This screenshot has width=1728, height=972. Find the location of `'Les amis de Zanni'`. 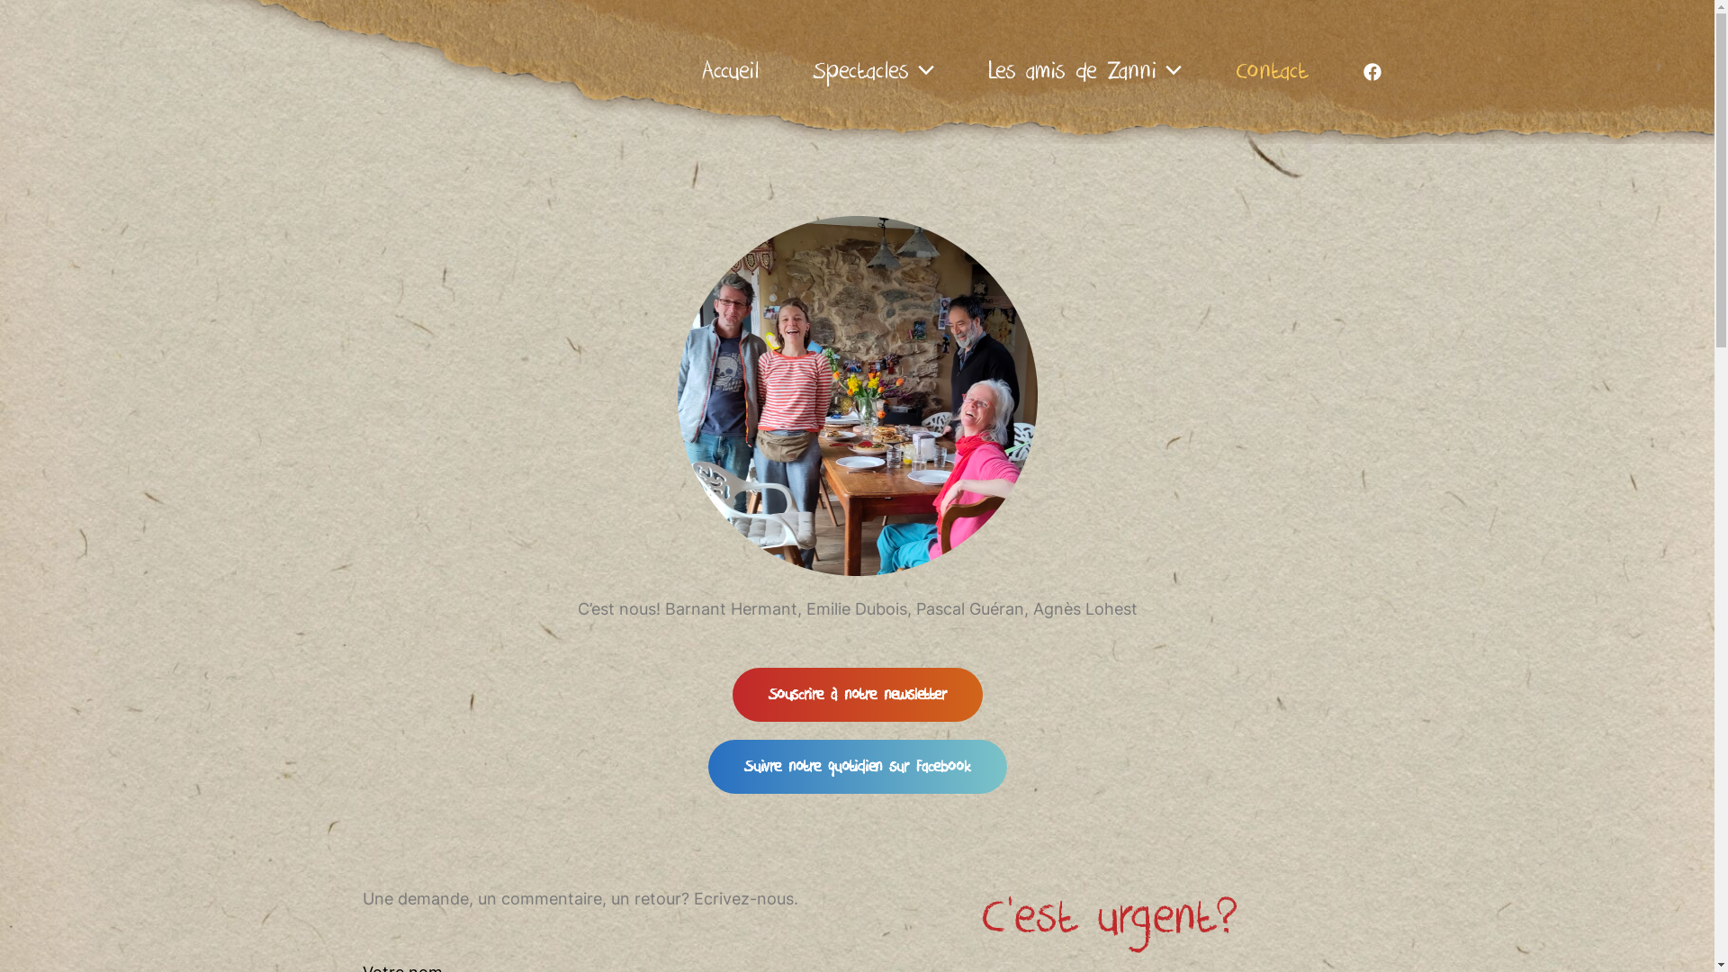

'Les amis de Zanni' is located at coordinates (1084, 71).